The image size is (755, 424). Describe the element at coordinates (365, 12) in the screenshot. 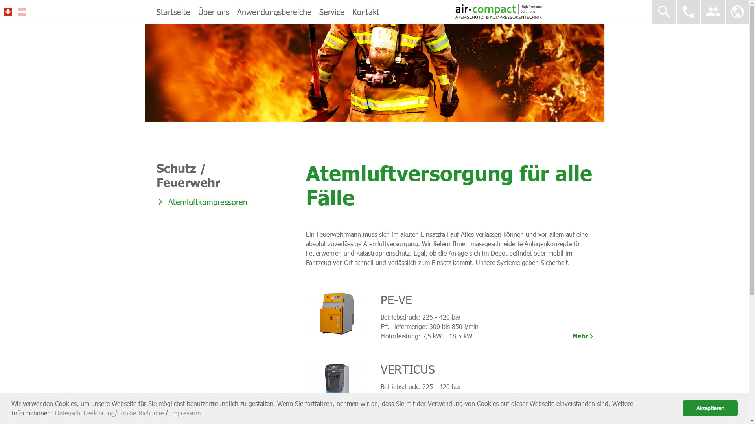

I see `'Kontakt'` at that location.